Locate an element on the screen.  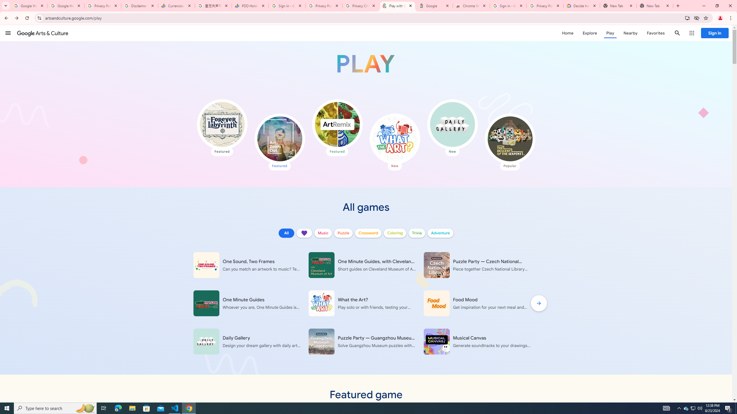
'Menu' is located at coordinates (8, 33).